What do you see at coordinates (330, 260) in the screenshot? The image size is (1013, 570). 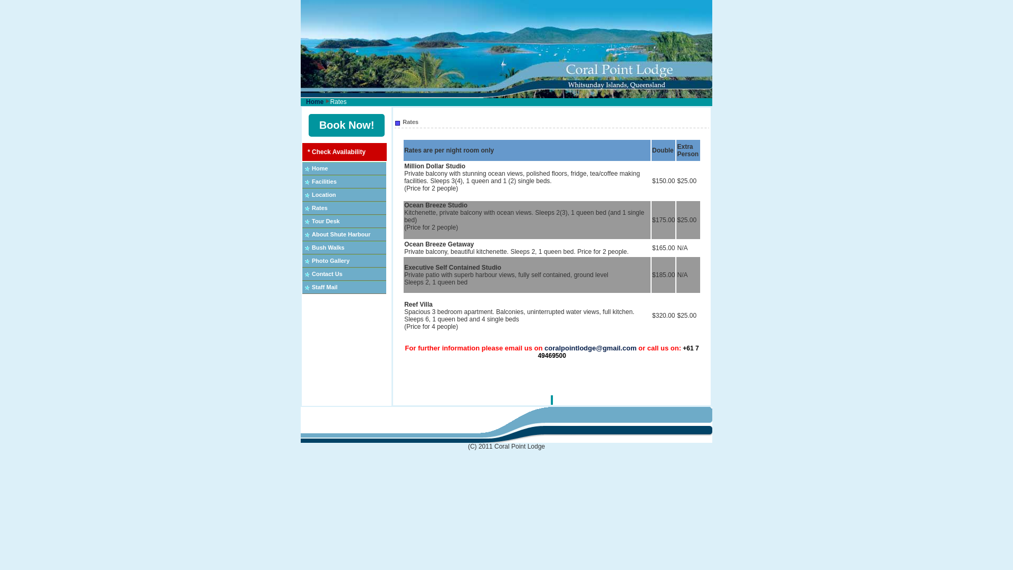 I see `'Photo Gallery'` at bounding box center [330, 260].